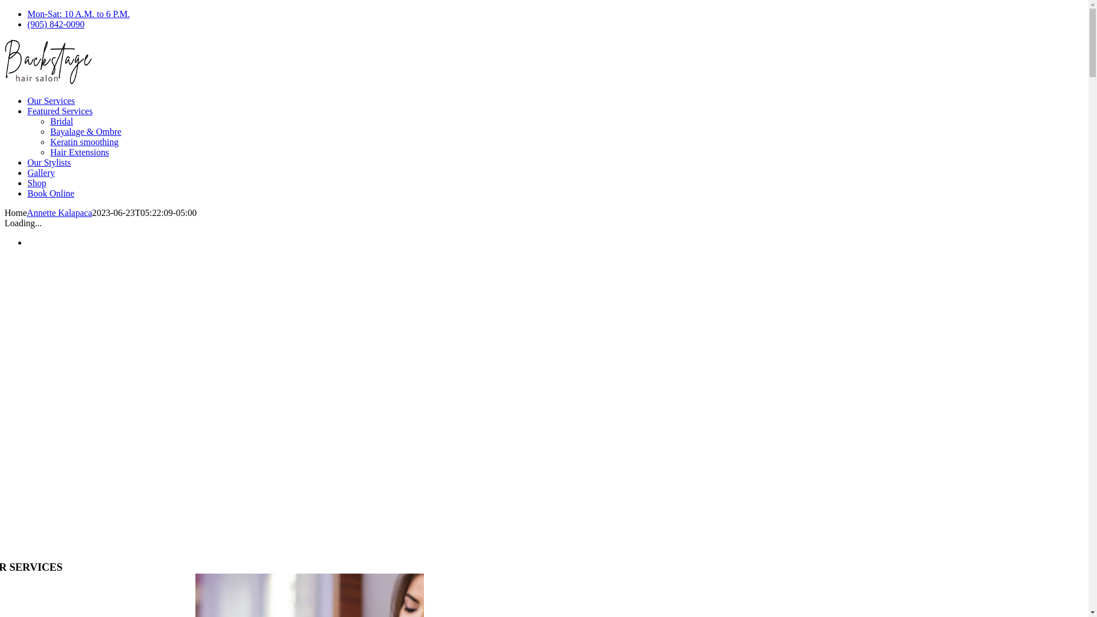 The image size is (1097, 617). What do you see at coordinates (50, 193) in the screenshot?
I see `'Book Online'` at bounding box center [50, 193].